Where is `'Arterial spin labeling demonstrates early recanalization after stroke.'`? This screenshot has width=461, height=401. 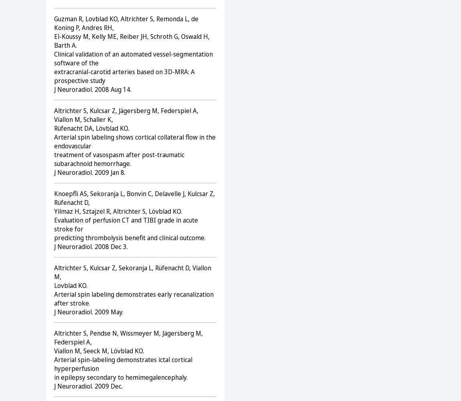 'Arterial spin labeling demonstrates early recanalization after stroke.' is located at coordinates (54, 298).